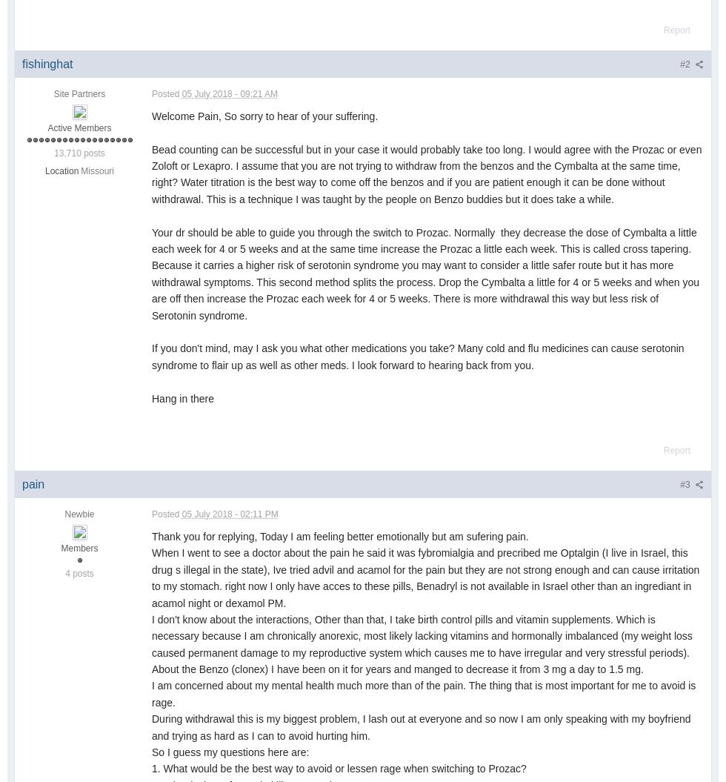 Image resolution: width=726 pixels, height=782 pixels. I want to click on 'fishinghat', so click(46, 63).